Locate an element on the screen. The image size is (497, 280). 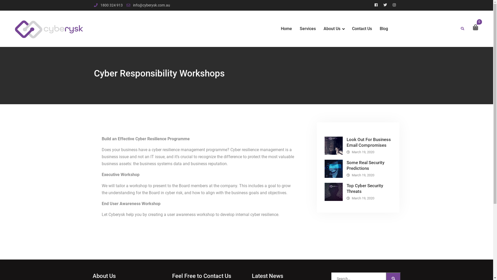
'Contact Us' is located at coordinates (362, 29).